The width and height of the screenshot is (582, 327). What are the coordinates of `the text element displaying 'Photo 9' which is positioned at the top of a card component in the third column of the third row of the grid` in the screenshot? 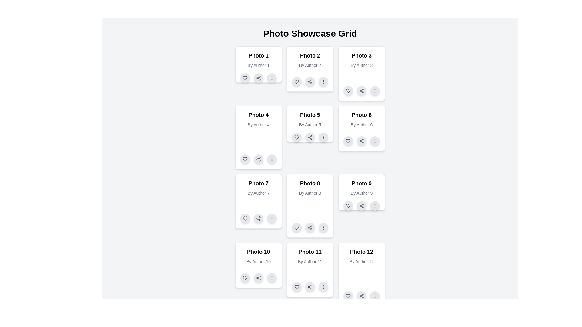 It's located at (362, 183).